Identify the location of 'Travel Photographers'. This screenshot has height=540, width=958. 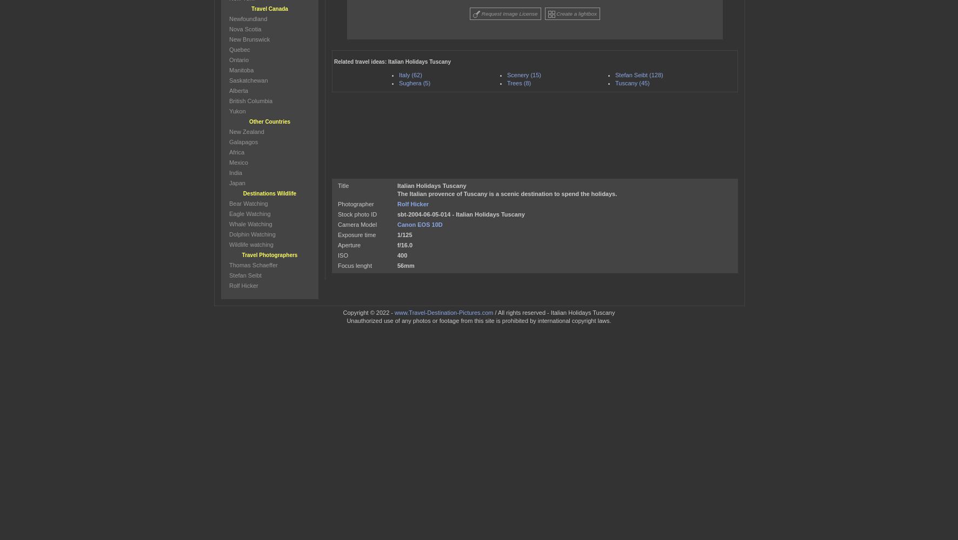
(269, 254).